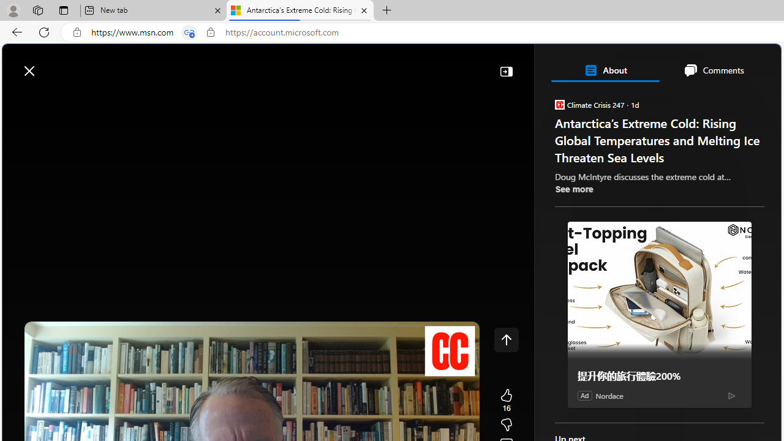 This screenshot has width=784, height=441. What do you see at coordinates (559, 104) in the screenshot?
I see `'Climate Crisis 247'` at bounding box center [559, 104].